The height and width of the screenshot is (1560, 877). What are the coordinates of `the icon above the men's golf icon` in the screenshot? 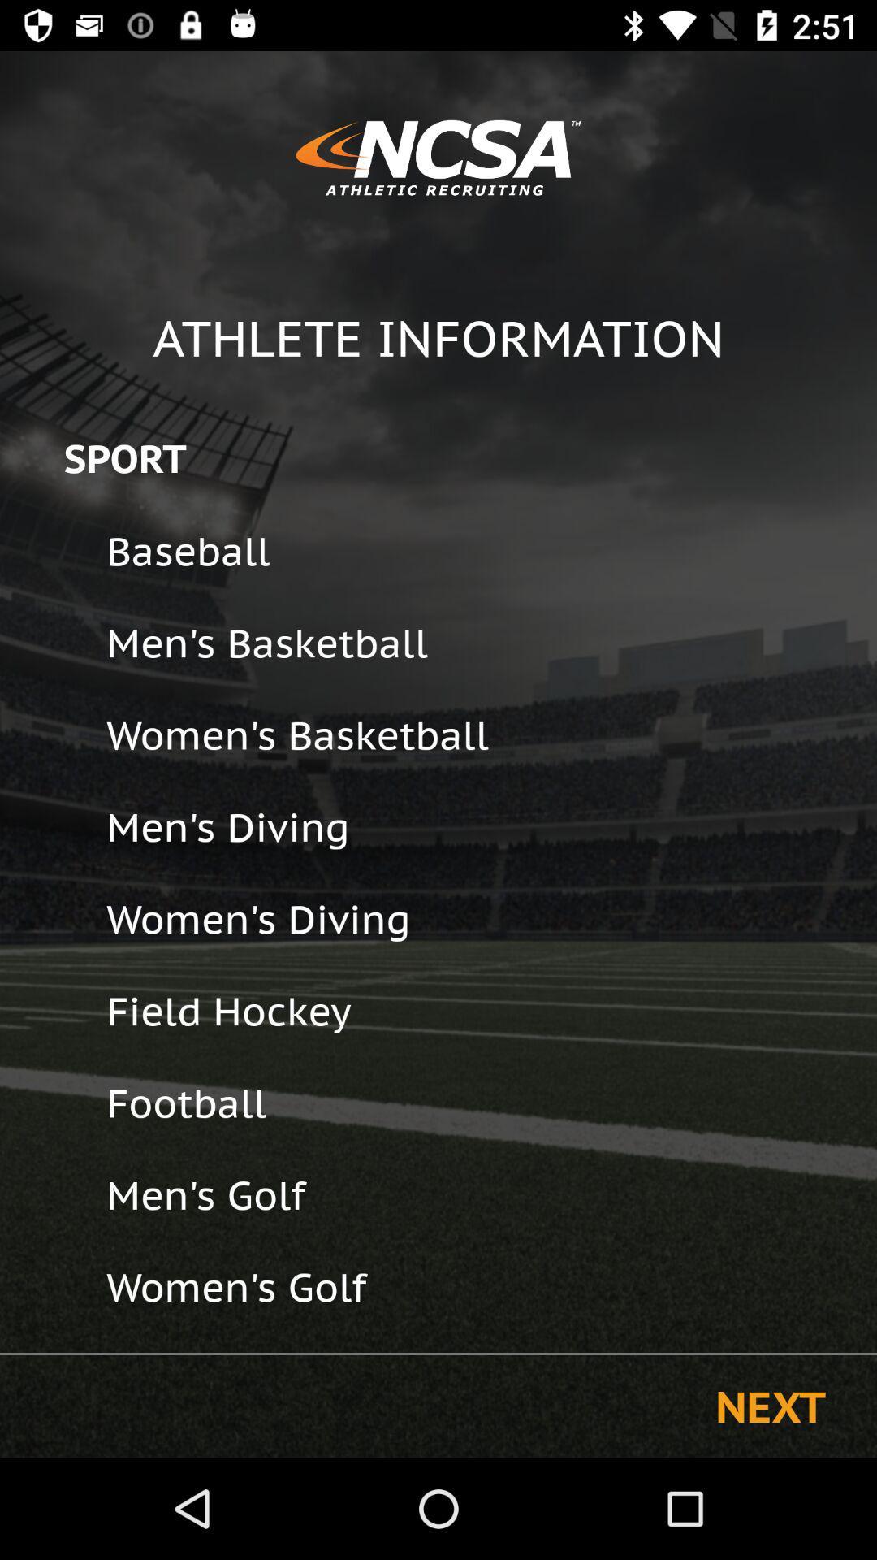 It's located at (480, 1103).